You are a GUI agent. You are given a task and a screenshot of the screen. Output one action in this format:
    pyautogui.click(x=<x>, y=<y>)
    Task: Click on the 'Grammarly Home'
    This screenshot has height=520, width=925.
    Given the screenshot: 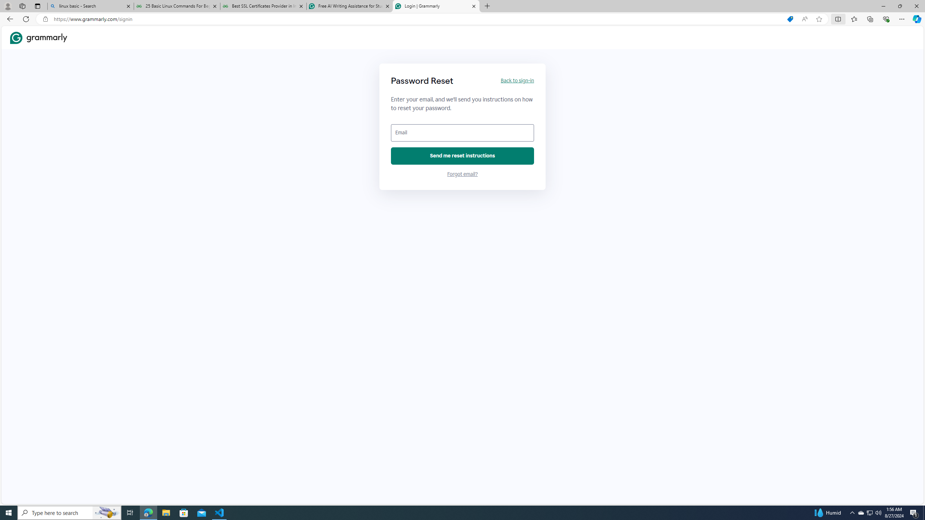 What is the action you would take?
    pyautogui.click(x=38, y=38)
    